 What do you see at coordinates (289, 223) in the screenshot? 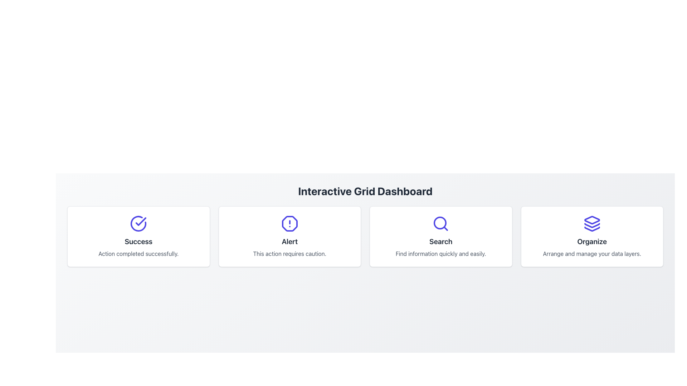
I see `the octagonal icon with an exclamation mark, which is styled with an indigo border and is located above the 'Alert' text in the second card of a 2x2 layout` at bounding box center [289, 223].